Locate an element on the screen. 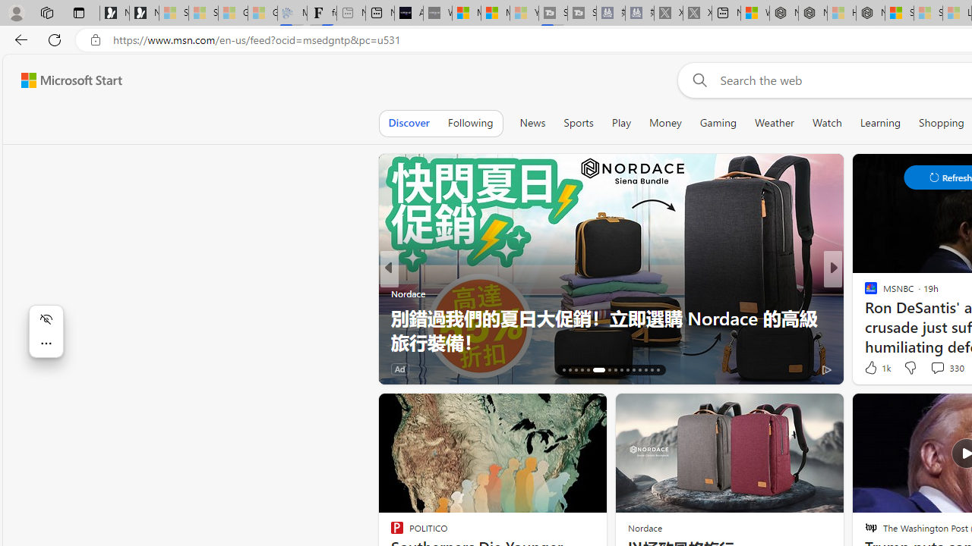 The height and width of the screenshot is (546, 972). 'View comments 55 Comment' is located at coordinates (939, 369).